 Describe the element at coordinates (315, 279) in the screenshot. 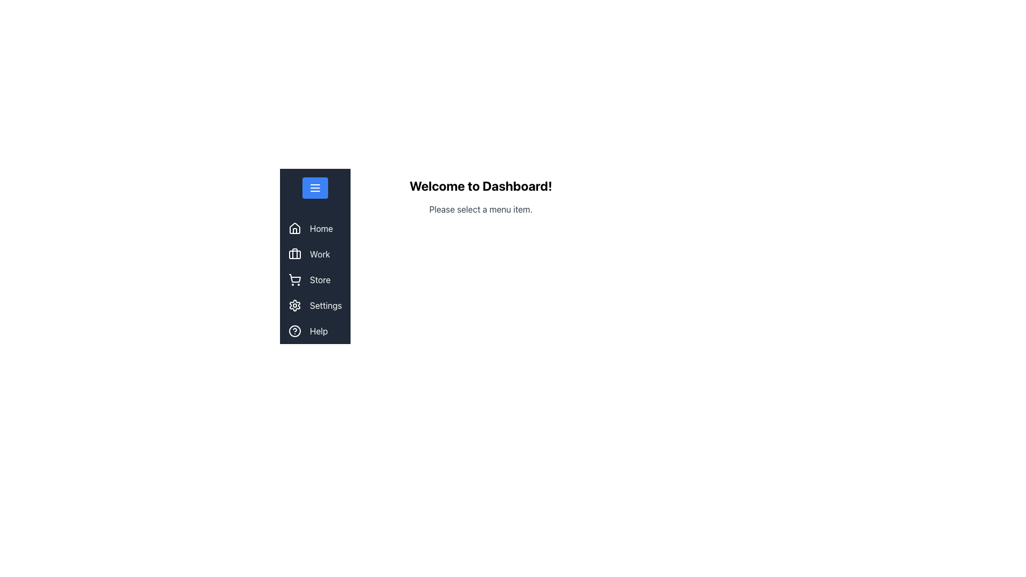

I see `the third navigation menu item labeled 'Store'` at that location.